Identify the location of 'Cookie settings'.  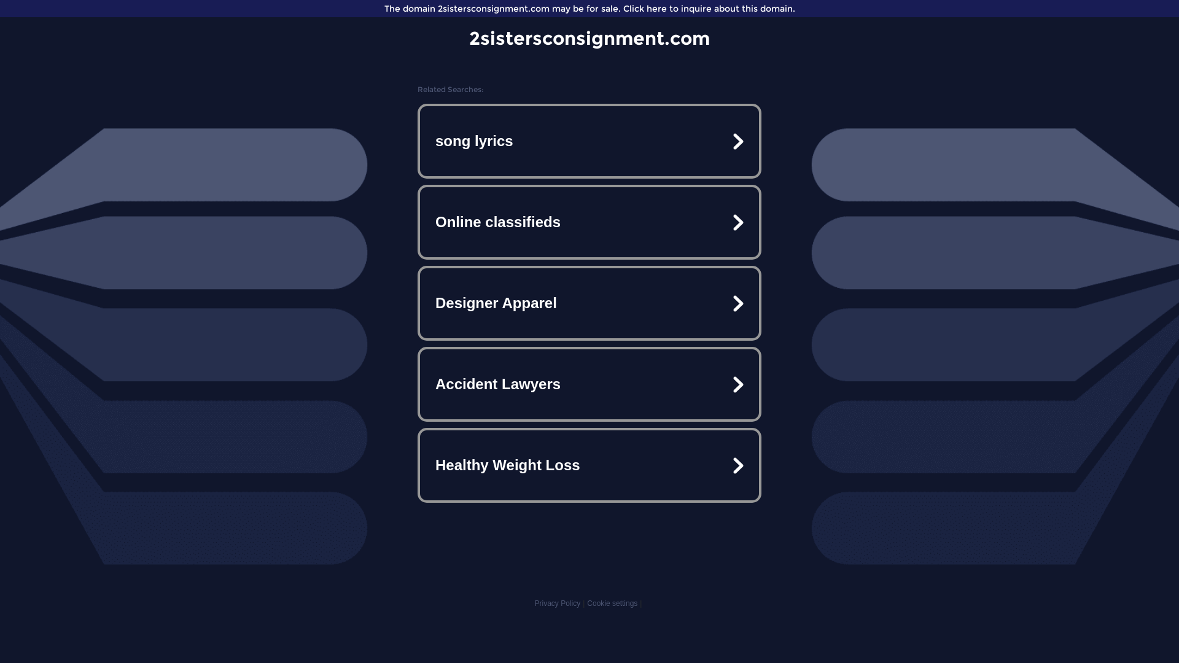
(612, 603).